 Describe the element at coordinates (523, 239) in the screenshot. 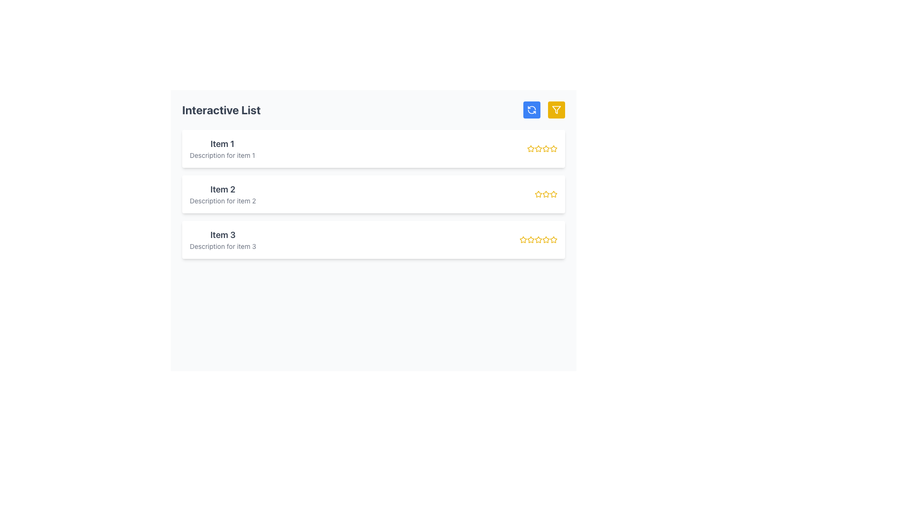

I see `the Star Rating Icon representing the rating selection option for 'Item 3', which is the first in a group of rating icons positioned to the right of 'Item 3'` at that location.